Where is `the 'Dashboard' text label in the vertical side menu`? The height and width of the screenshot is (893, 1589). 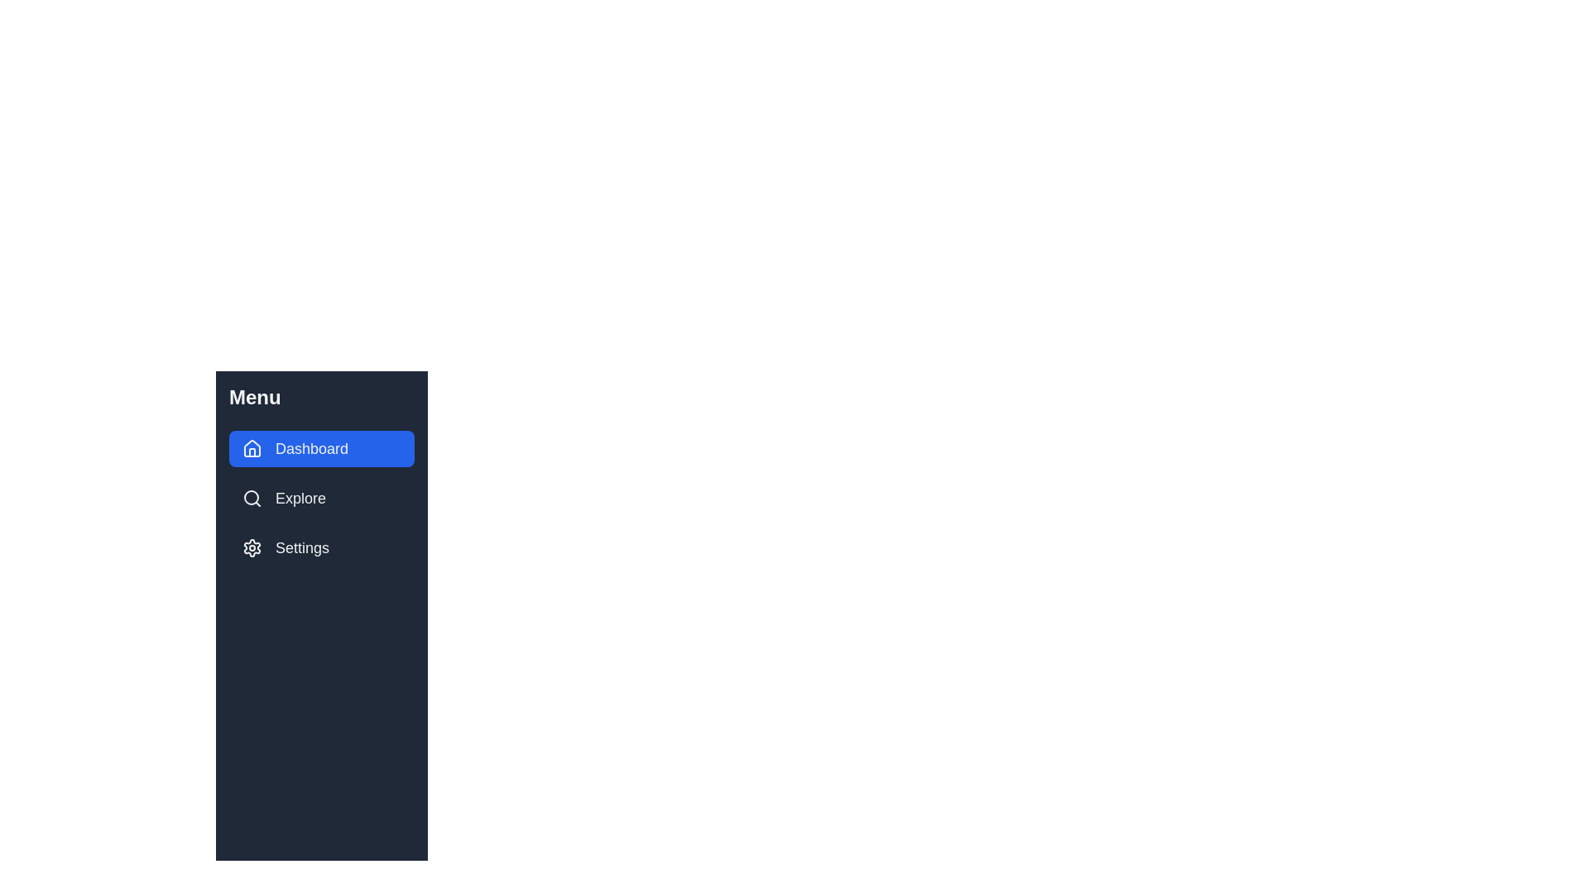
the 'Dashboard' text label in the vertical side menu is located at coordinates (312, 449).